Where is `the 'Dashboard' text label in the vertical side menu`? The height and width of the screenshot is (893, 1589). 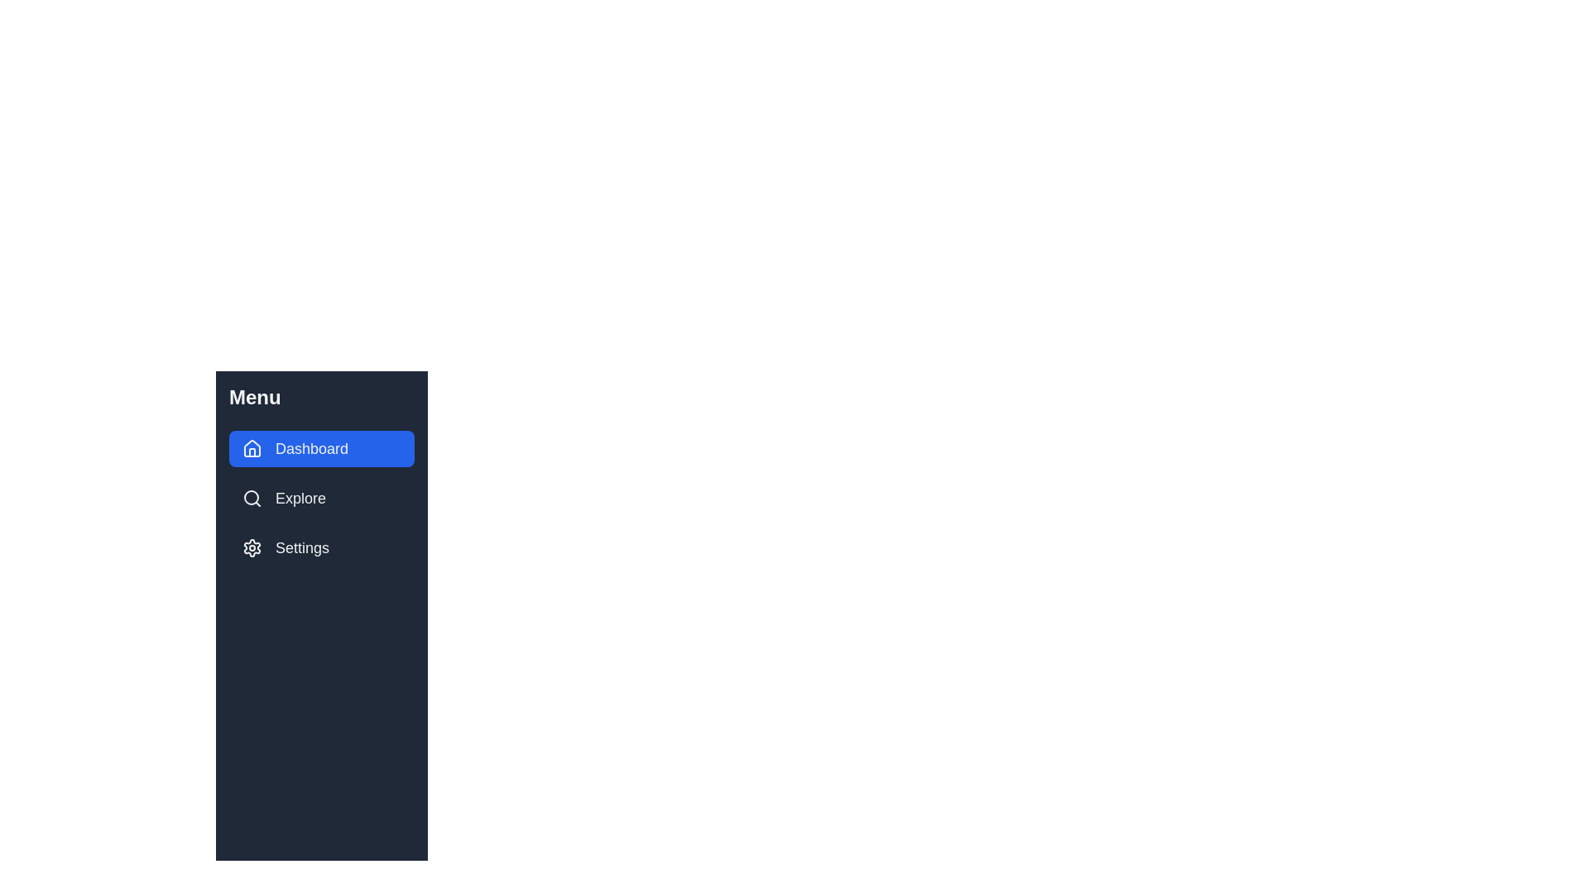
the 'Dashboard' text label in the vertical side menu is located at coordinates (312, 449).